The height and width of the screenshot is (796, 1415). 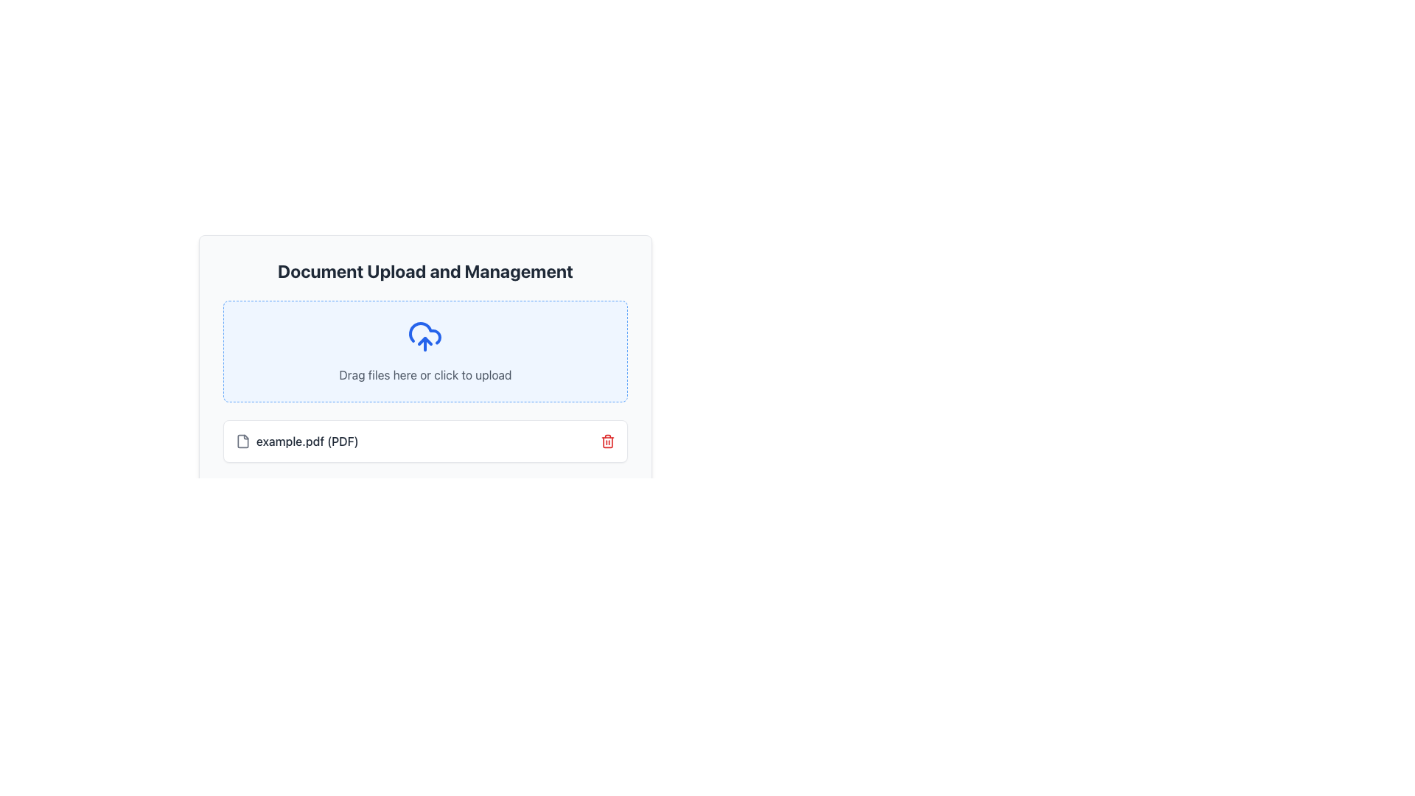 What do you see at coordinates (608, 440) in the screenshot?
I see `the red trash can icon button located at the bottom-right corner of the card, which is used` at bounding box center [608, 440].